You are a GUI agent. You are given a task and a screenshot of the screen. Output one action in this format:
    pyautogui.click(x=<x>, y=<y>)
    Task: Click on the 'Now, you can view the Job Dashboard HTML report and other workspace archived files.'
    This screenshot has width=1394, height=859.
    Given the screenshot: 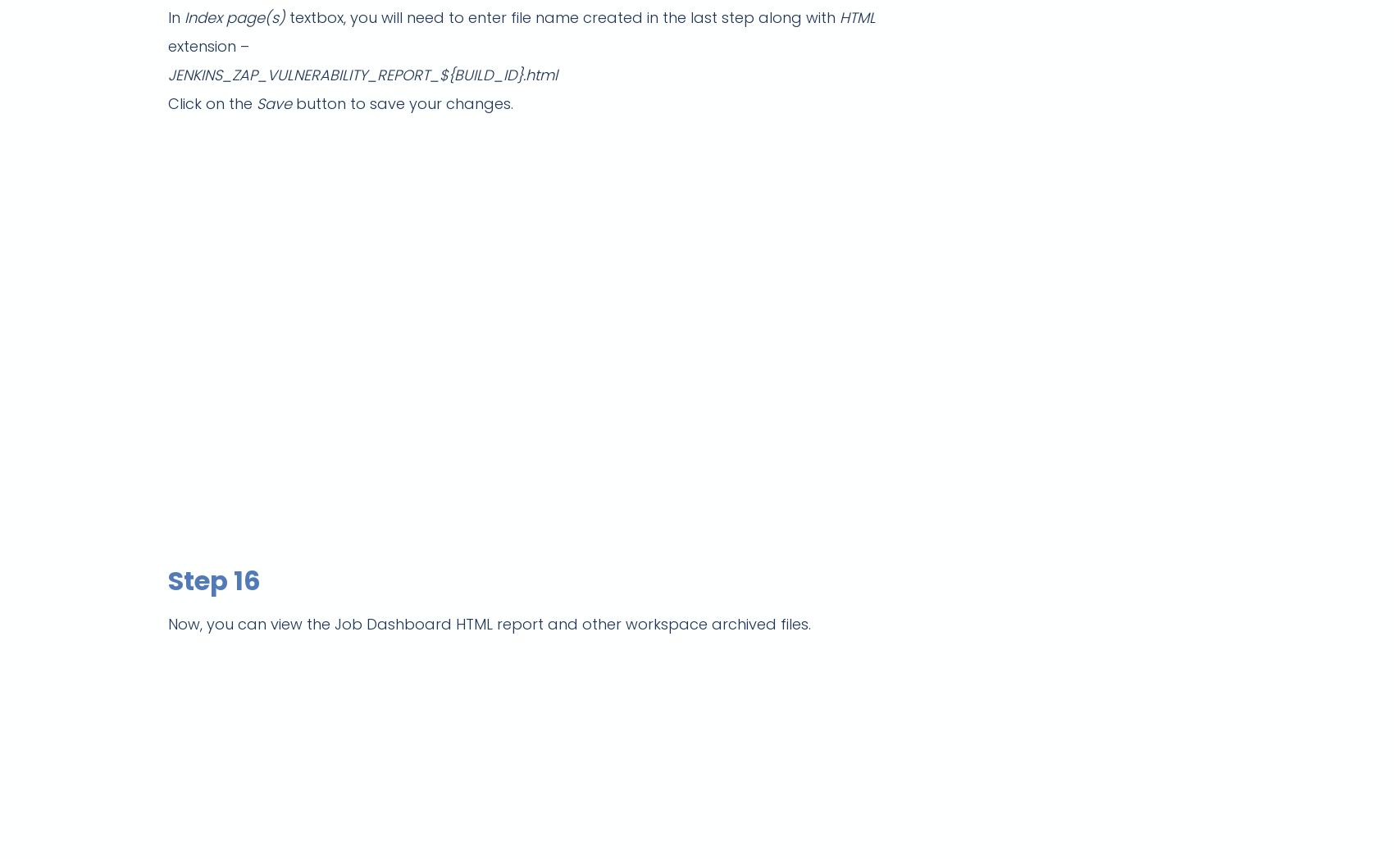 What is the action you would take?
    pyautogui.click(x=489, y=623)
    